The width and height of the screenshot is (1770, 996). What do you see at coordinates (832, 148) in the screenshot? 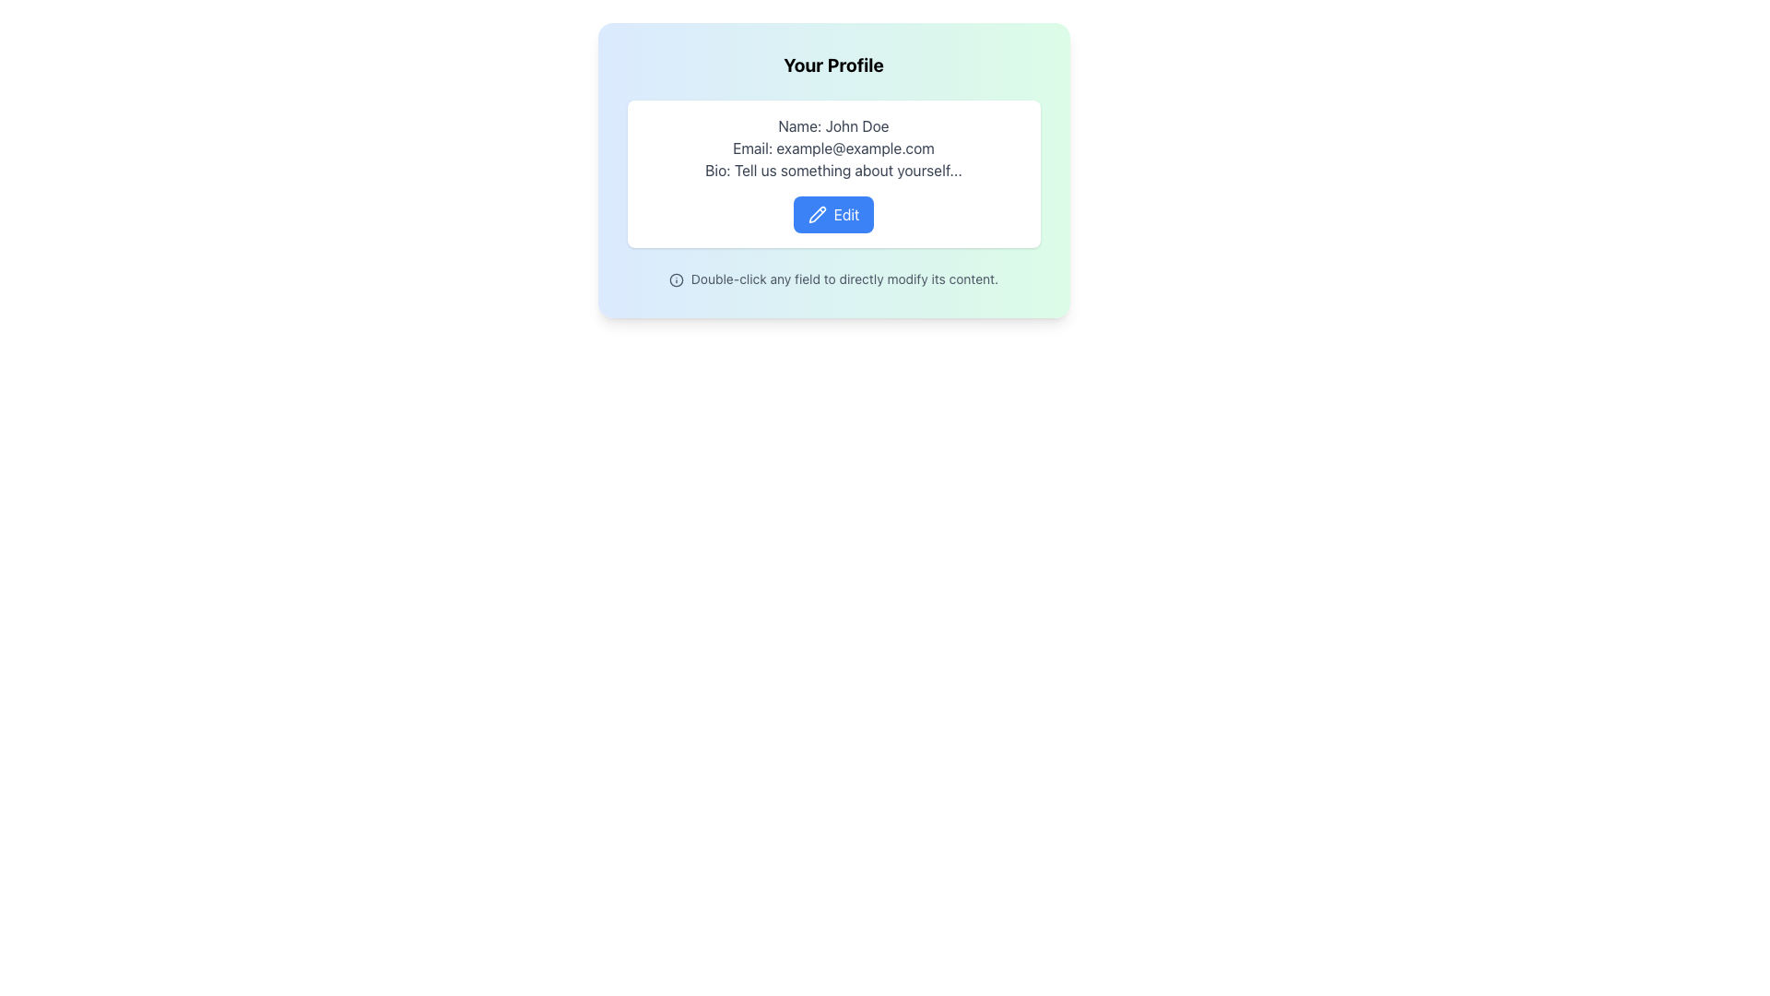
I see `the non-editable email address text label, which is positioned between the 'Name: John Doe' section and the 'Bio: Tell us something about yourself...' section` at bounding box center [832, 148].